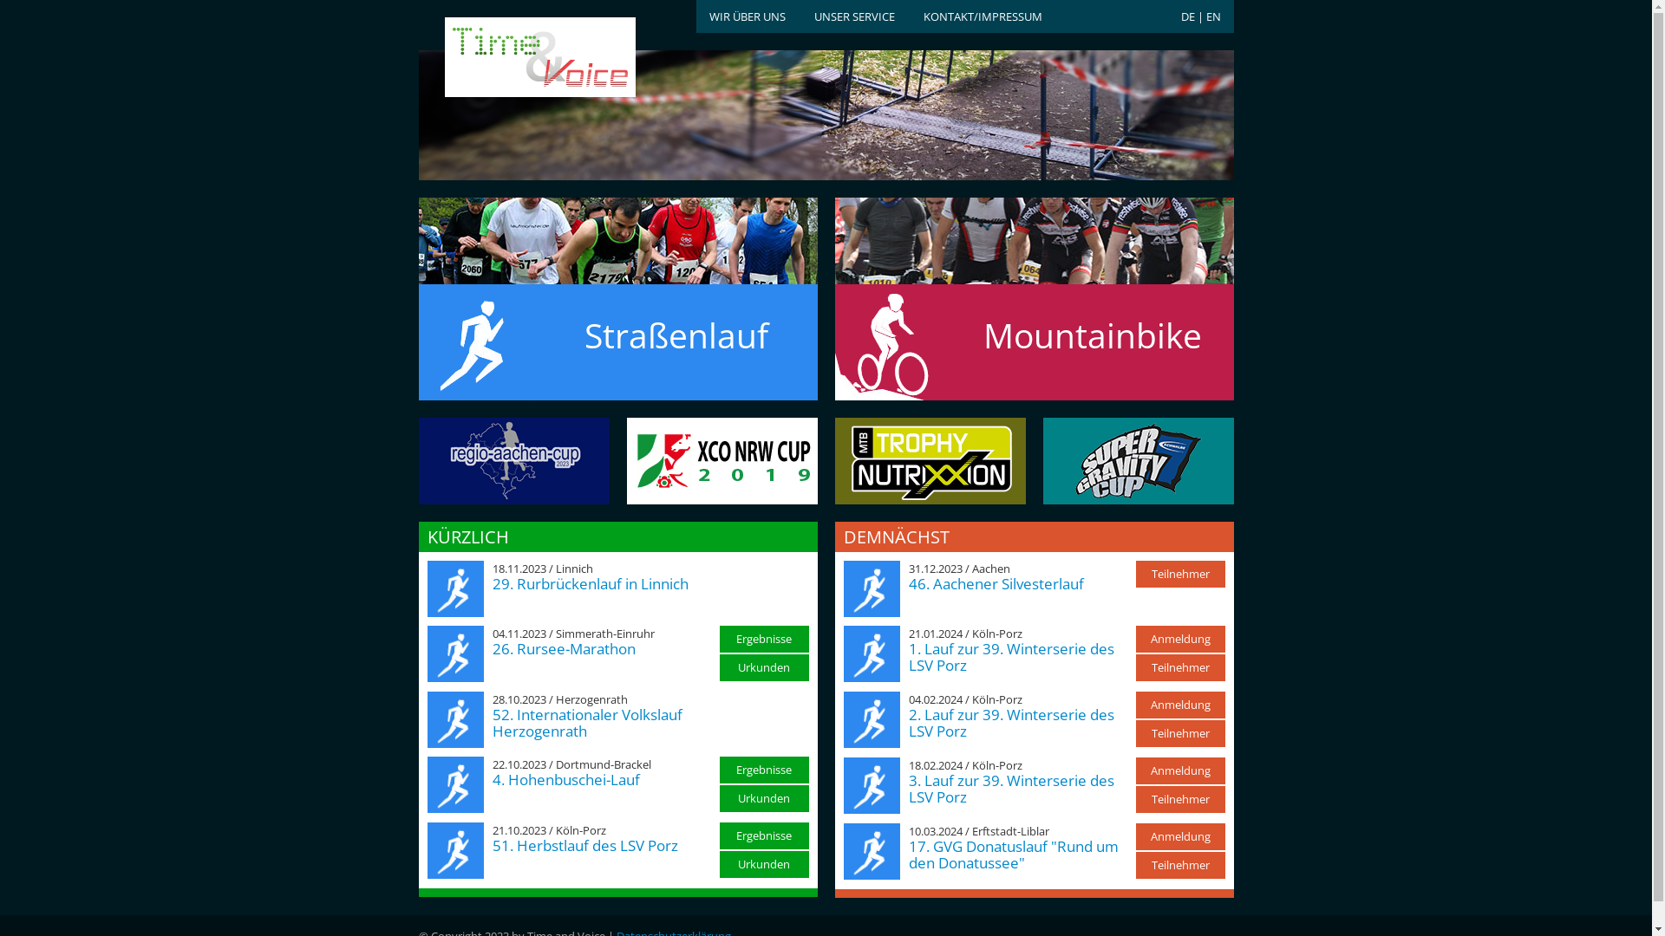 The width and height of the screenshot is (1665, 936). Describe the element at coordinates (1179, 639) in the screenshot. I see `'Anmeldung'` at that location.